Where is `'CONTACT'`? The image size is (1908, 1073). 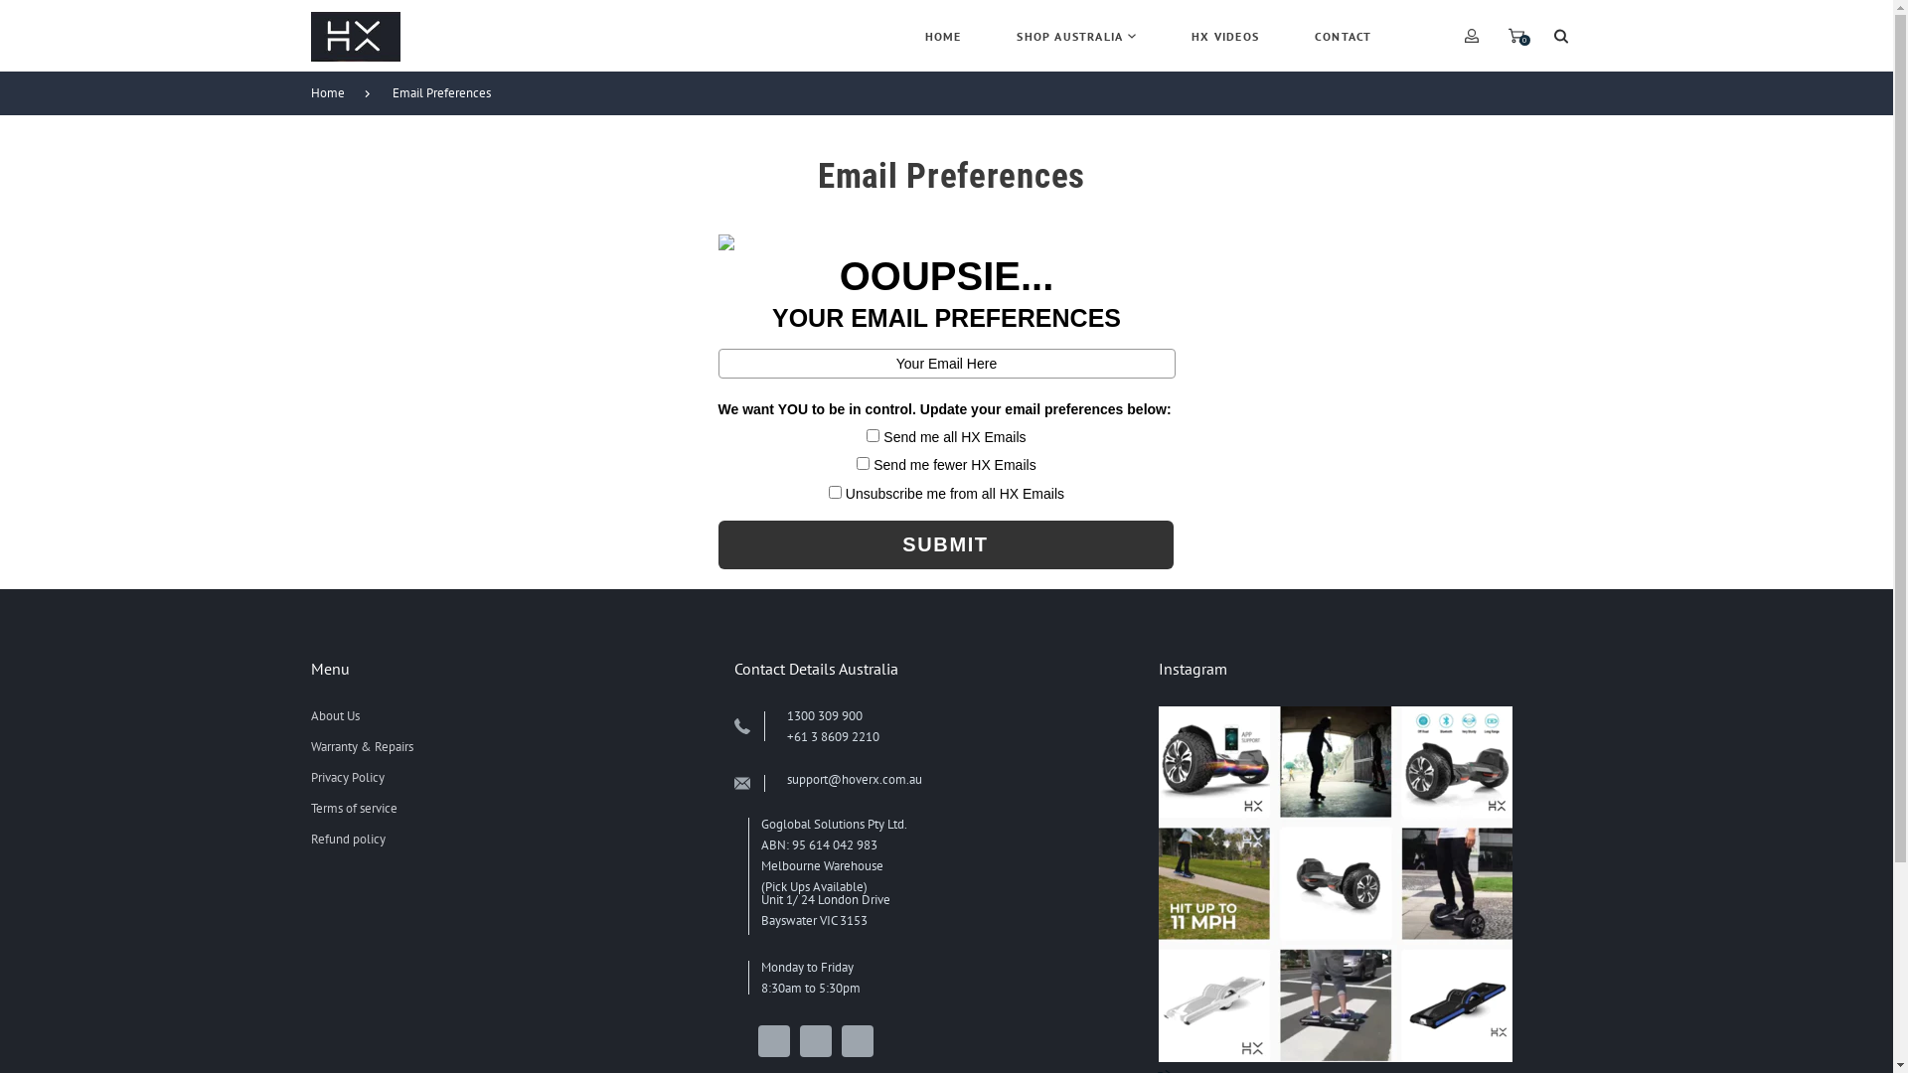 'CONTACT' is located at coordinates (1343, 36).